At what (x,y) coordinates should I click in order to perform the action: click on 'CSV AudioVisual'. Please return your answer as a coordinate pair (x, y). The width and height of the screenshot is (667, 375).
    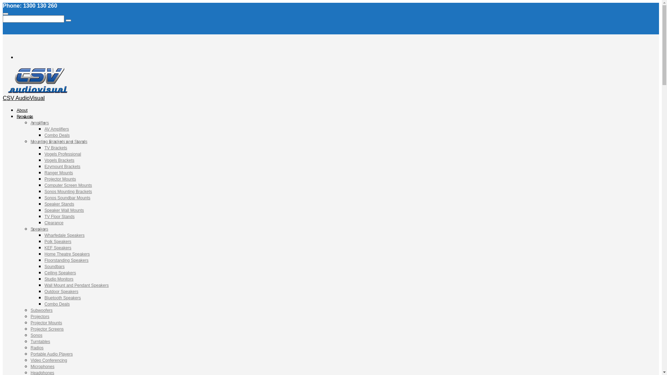
    Looking at the image, I should click on (24, 98).